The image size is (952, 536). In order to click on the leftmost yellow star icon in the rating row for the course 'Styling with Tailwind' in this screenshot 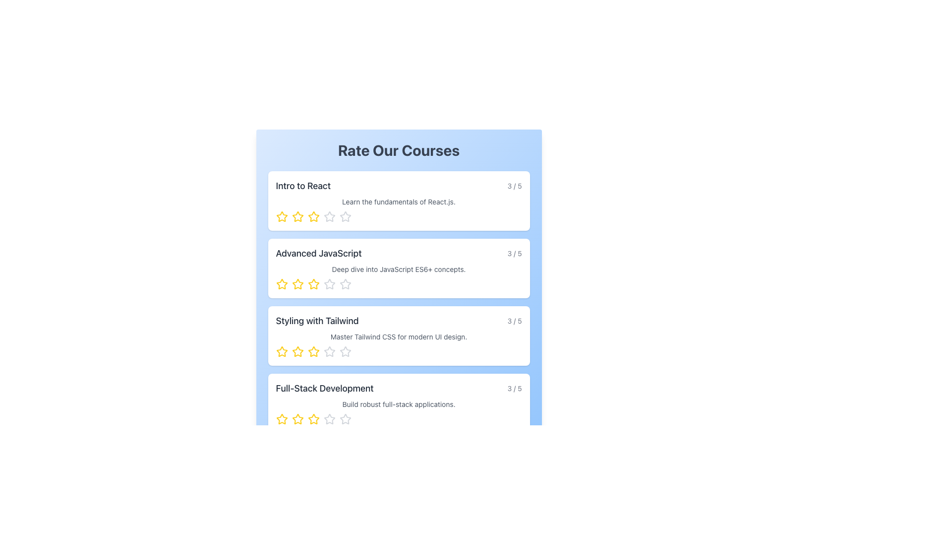, I will do `click(281, 351)`.